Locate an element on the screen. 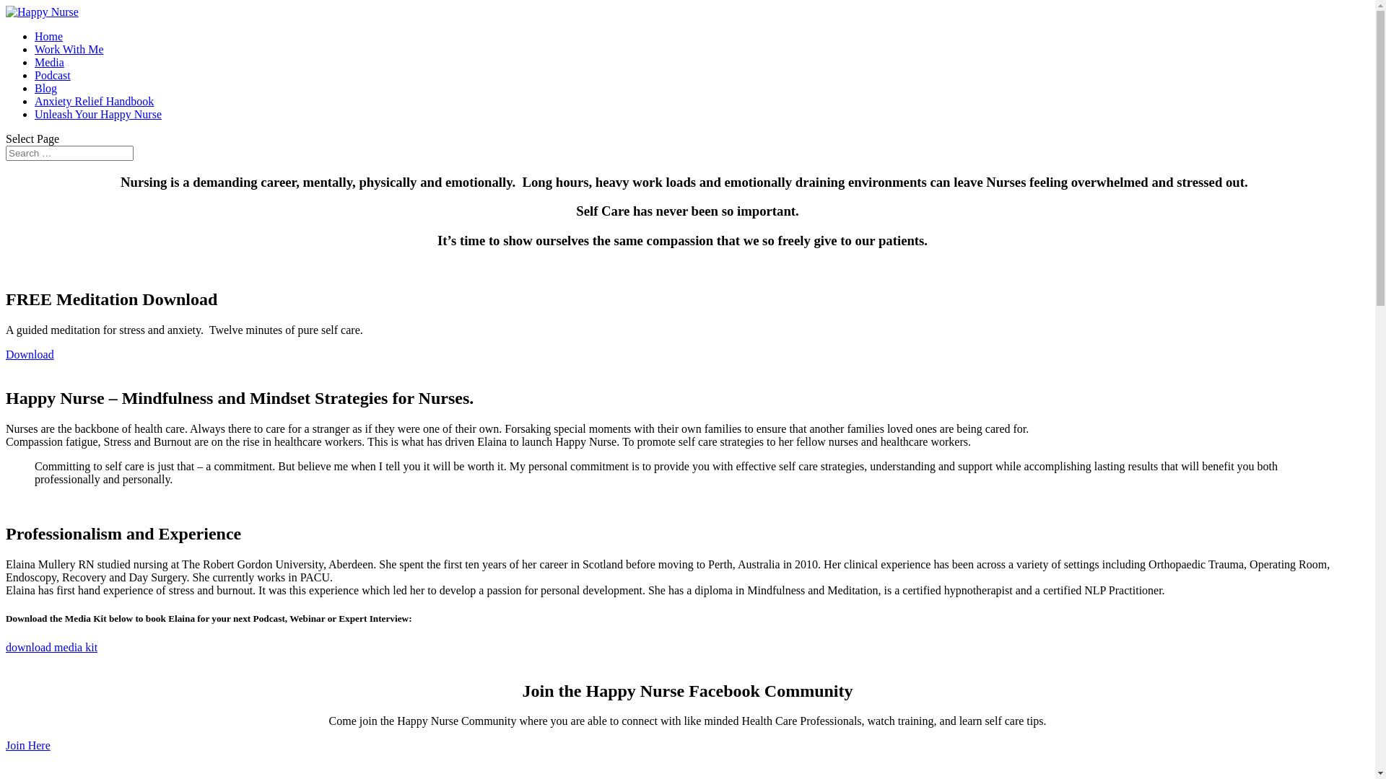 The width and height of the screenshot is (1386, 779). 'Unleash Your Happy Nurse' is located at coordinates (97, 113).